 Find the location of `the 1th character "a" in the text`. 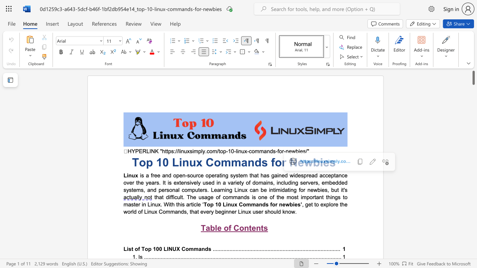

the 1th character "a" in the text is located at coordinates (244, 162).